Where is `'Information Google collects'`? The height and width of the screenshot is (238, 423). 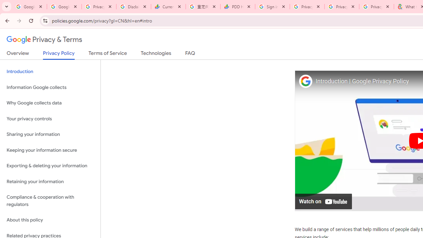 'Information Google collects' is located at coordinates (50, 87).